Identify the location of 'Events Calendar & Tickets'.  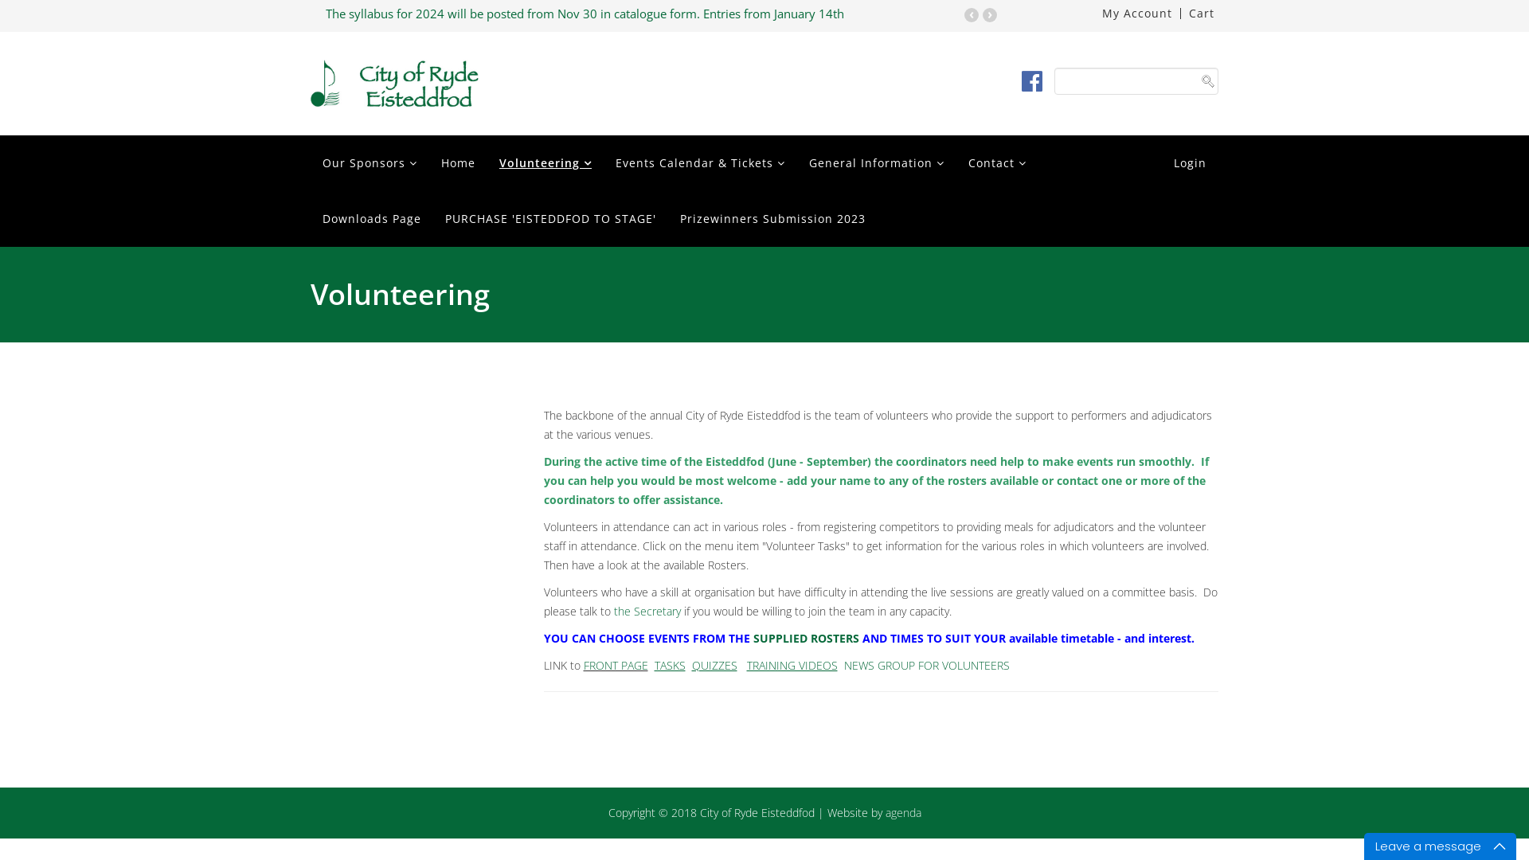
(603, 162).